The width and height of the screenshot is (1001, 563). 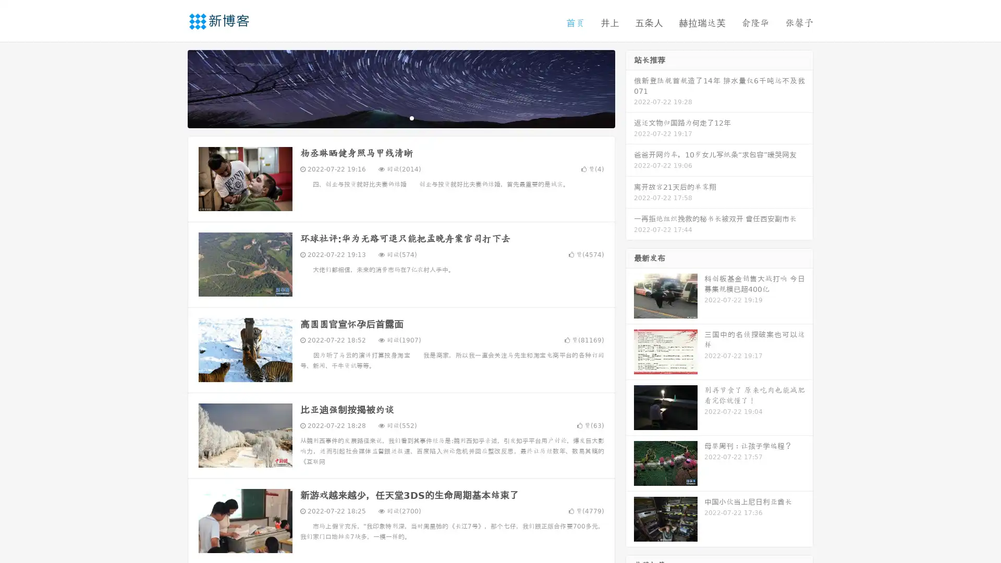 I want to click on Go to slide 3, so click(x=411, y=117).